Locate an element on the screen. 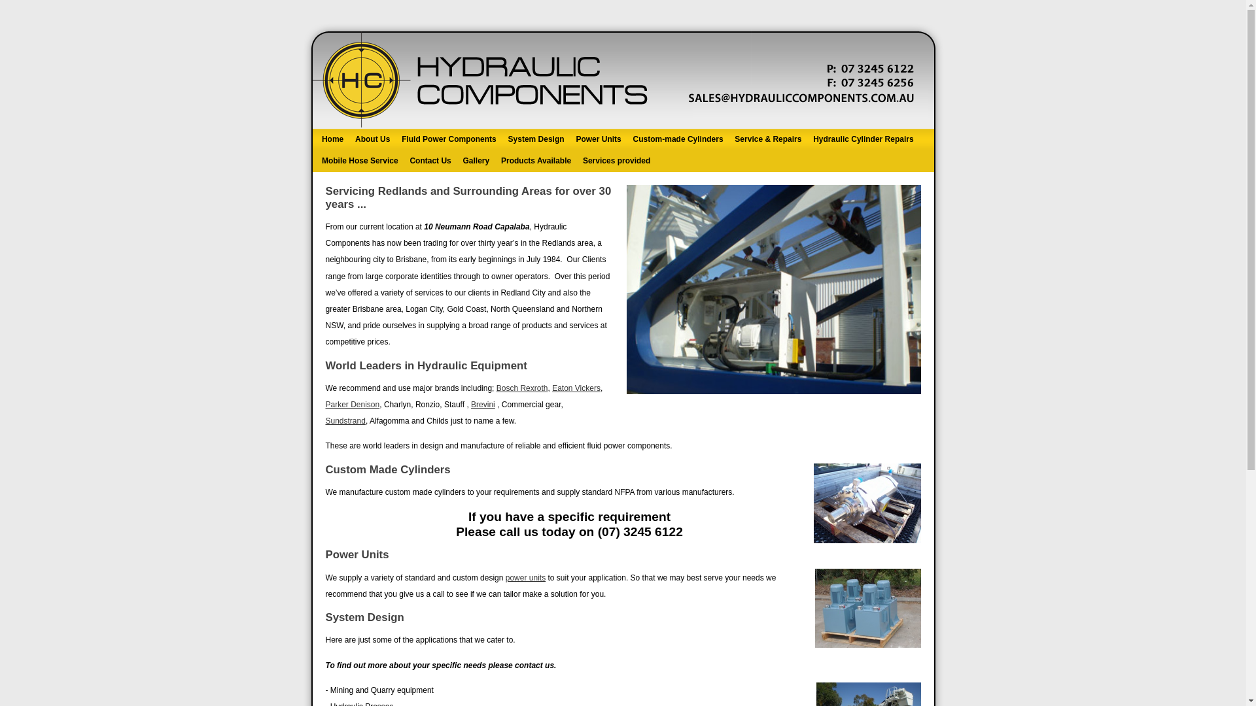  'Fluid Power Components' is located at coordinates (449, 139).